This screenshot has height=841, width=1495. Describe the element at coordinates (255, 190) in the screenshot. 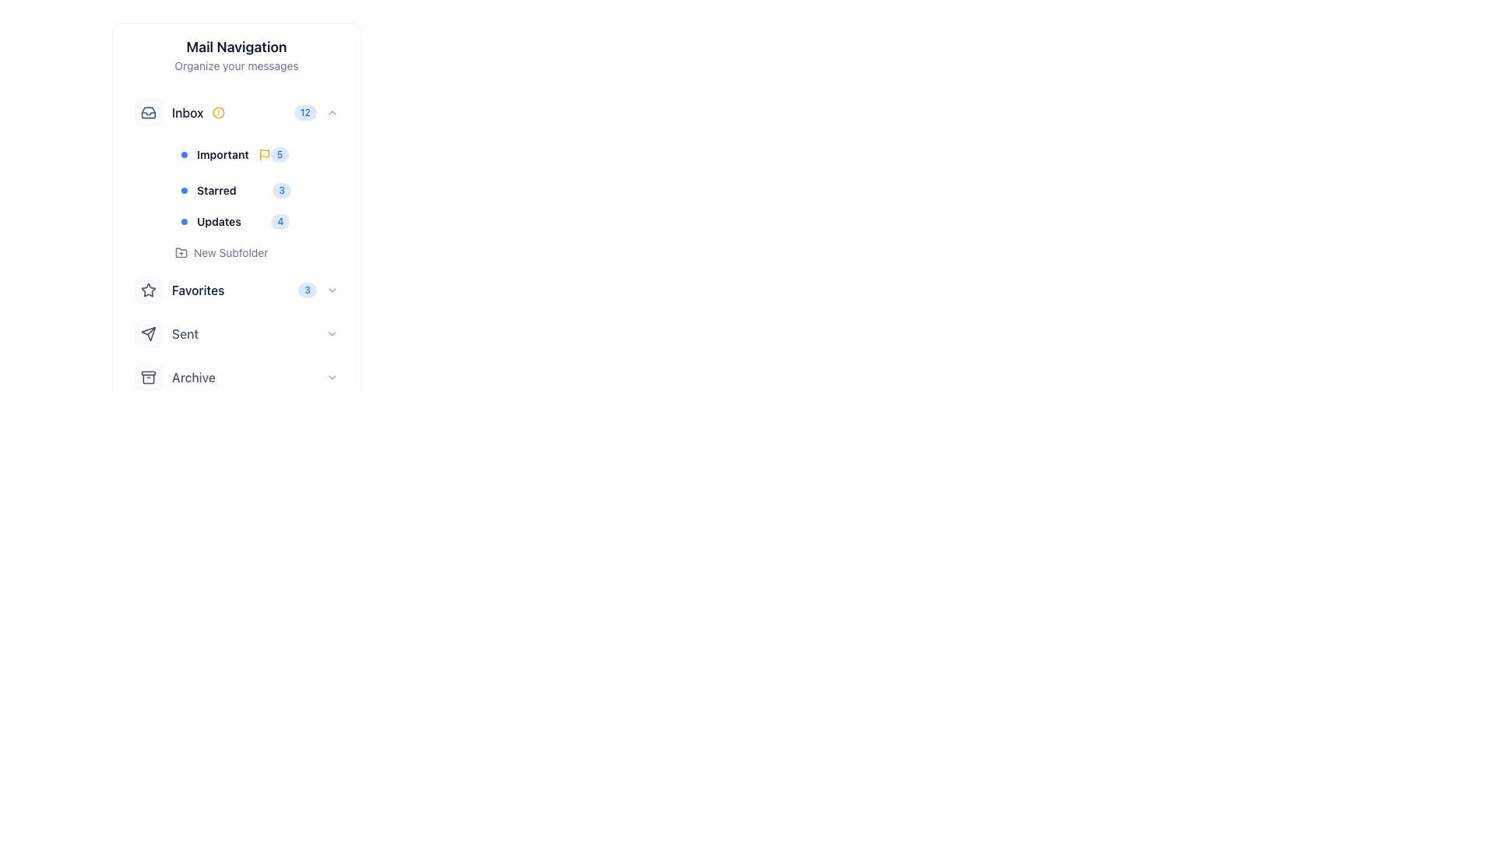

I see `the 'Starred' navigation item in the main navigation menu` at that location.